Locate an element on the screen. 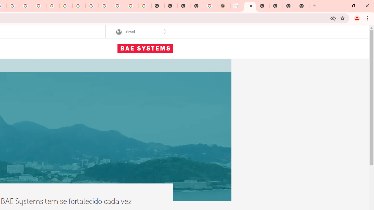 This screenshot has width=374, height=210. 'BAE Systems Brasil | BAE Systems' is located at coordinates (250, 6).